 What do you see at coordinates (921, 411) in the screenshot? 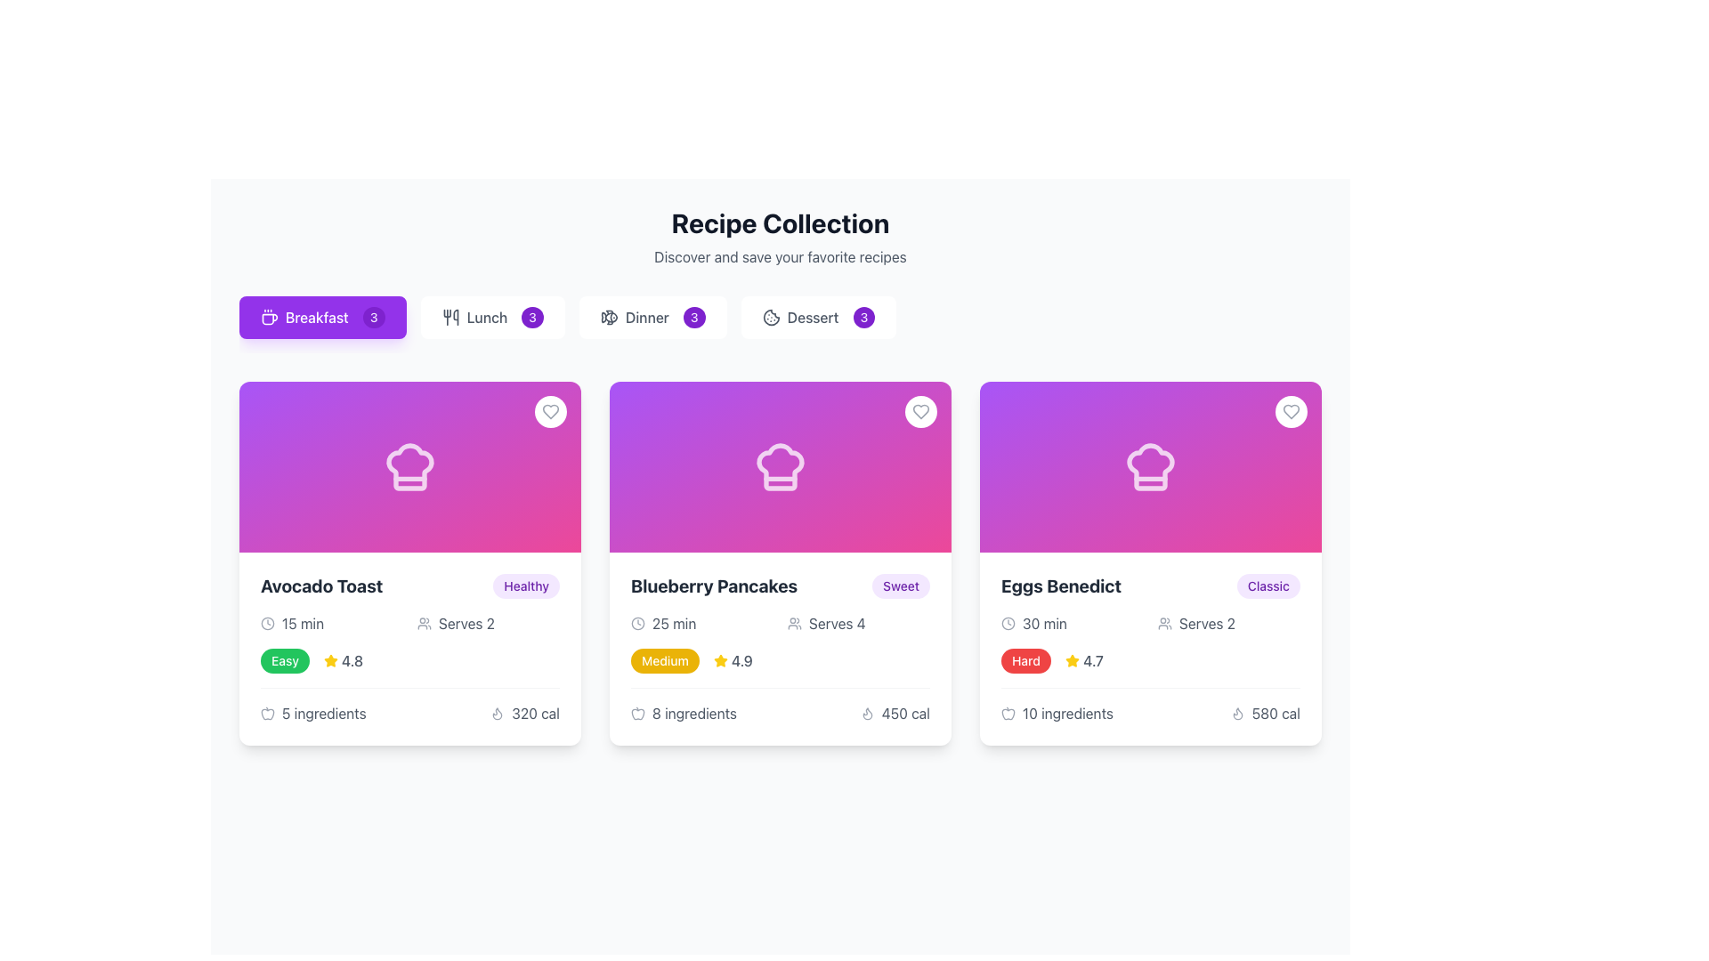
I see `the SVG heart icon located in the top-right corner of the 'Blueberry Pancakes' card to mark it as a favorite` at bounding box center [921, 411].